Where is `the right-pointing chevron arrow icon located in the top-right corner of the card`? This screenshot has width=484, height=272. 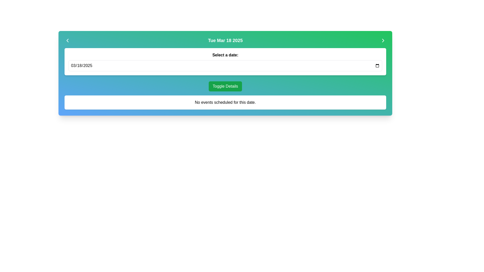 the right-pointing chevron arrow icon located in the top-right corner of the card is located at coordinates (383, 40).